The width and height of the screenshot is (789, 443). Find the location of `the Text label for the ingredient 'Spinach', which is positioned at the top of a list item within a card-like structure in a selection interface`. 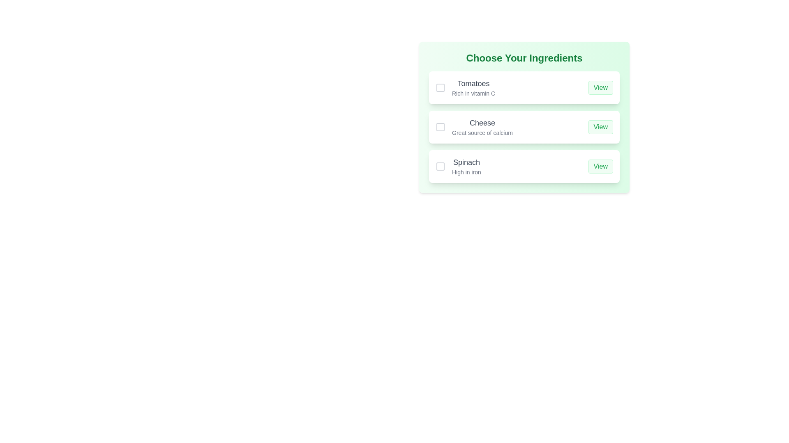

the Text label for the ingredient 'Spinach', which is positioned at the top of a list item within a card-like structure in a selection interface is located at coordinates (466, 162).